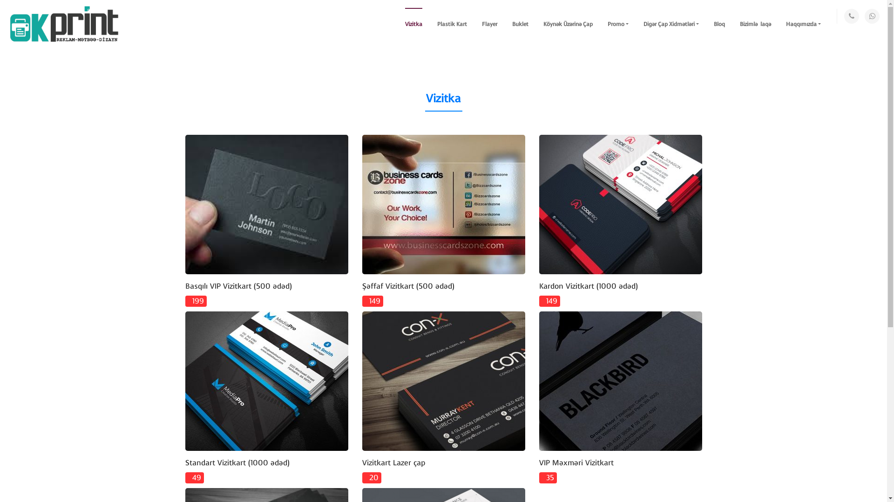 The height and width of the screenshot is (502, 894). What do you see at coordinates (618, 23) in the screenshot?
I see `'Promo'` at bounding box center [618, 23].